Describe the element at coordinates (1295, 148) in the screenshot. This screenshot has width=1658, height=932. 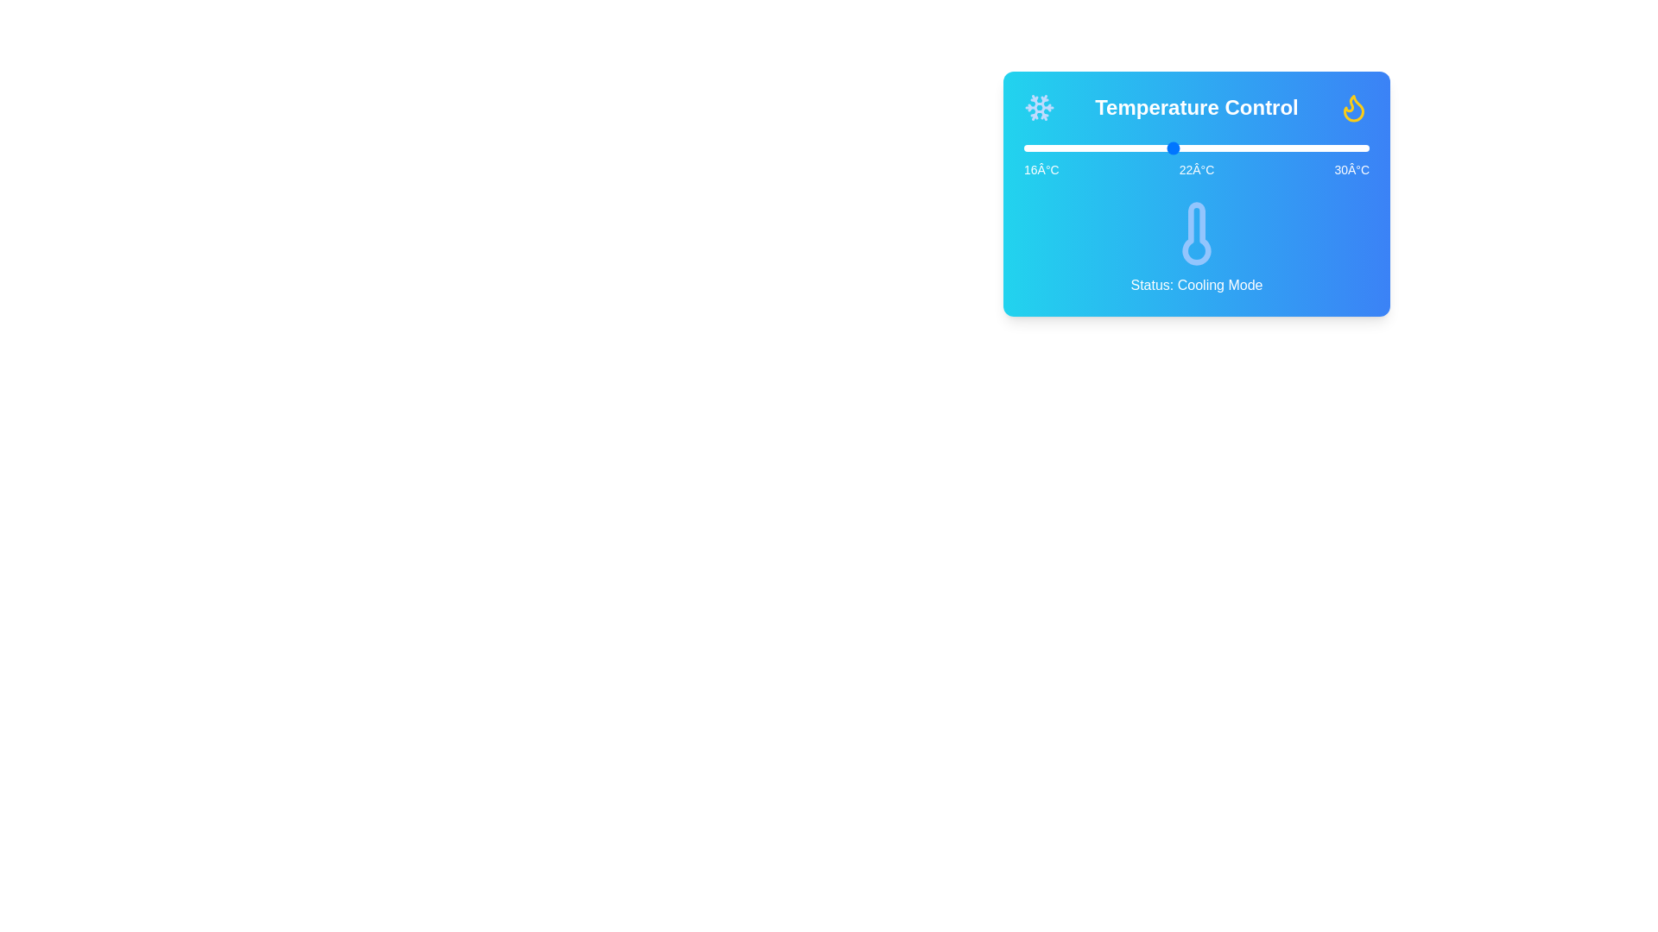
I see `the temperature to 27°C by dragging the slider` at that location.